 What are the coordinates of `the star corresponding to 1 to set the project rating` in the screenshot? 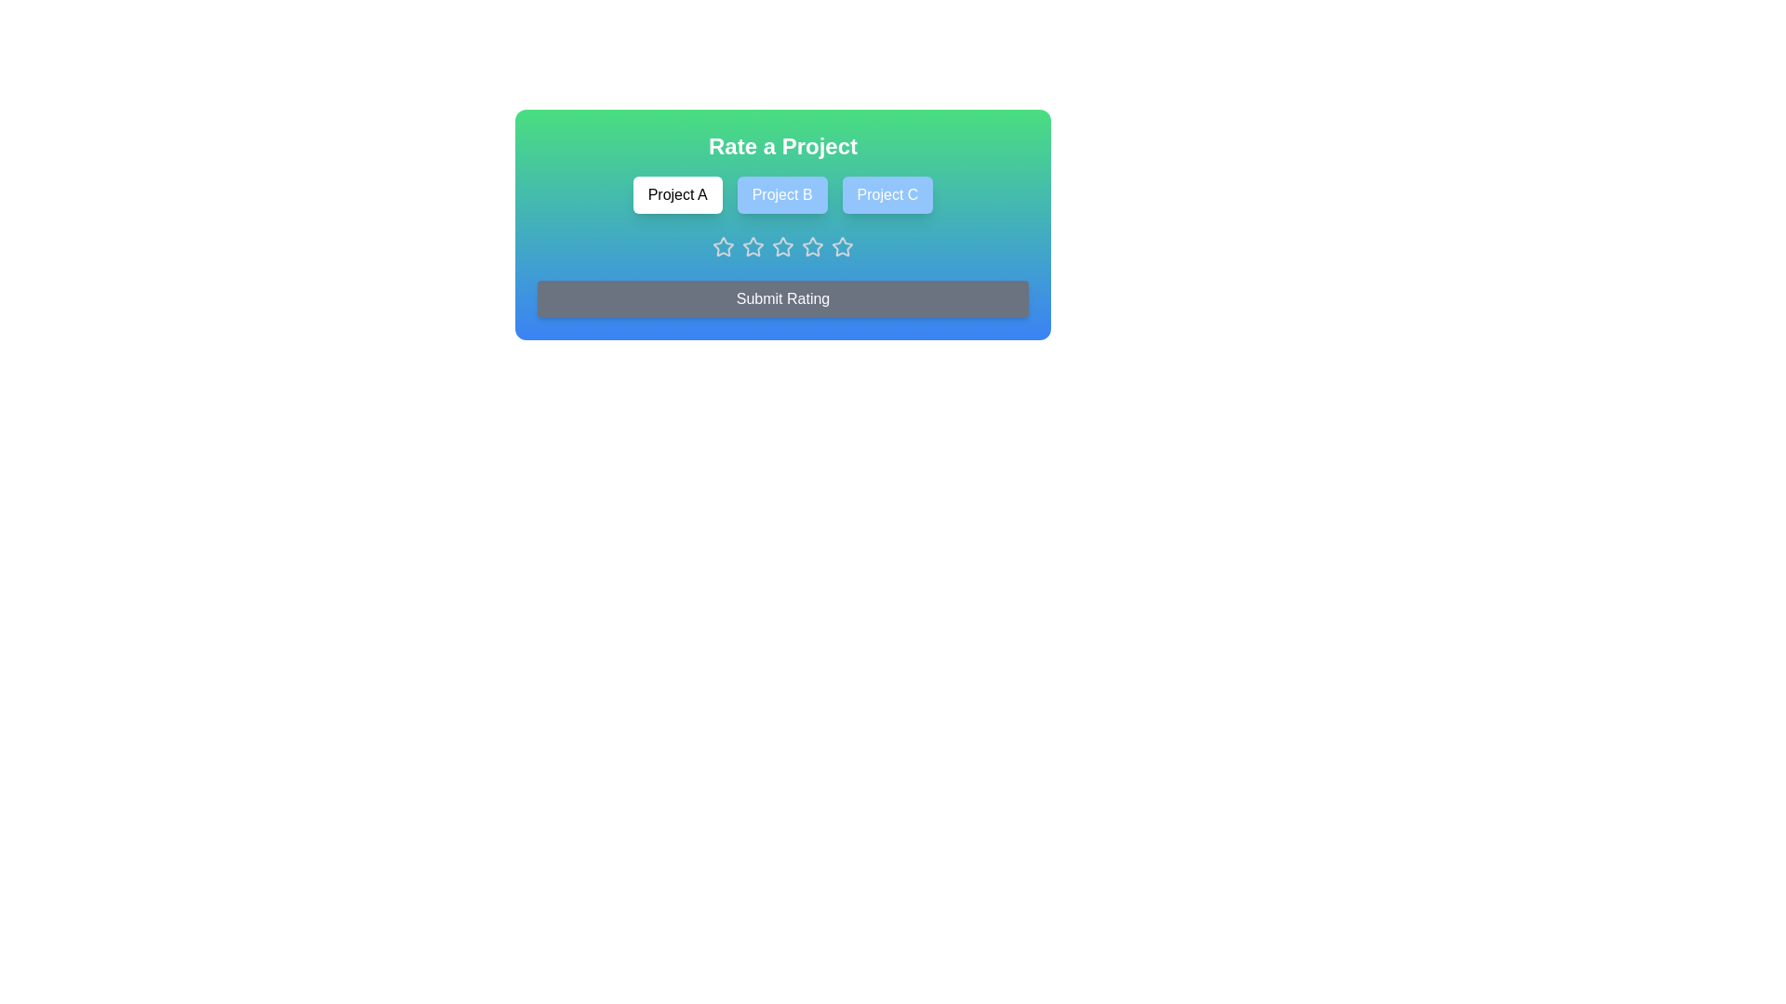 It's located at (722, 246).